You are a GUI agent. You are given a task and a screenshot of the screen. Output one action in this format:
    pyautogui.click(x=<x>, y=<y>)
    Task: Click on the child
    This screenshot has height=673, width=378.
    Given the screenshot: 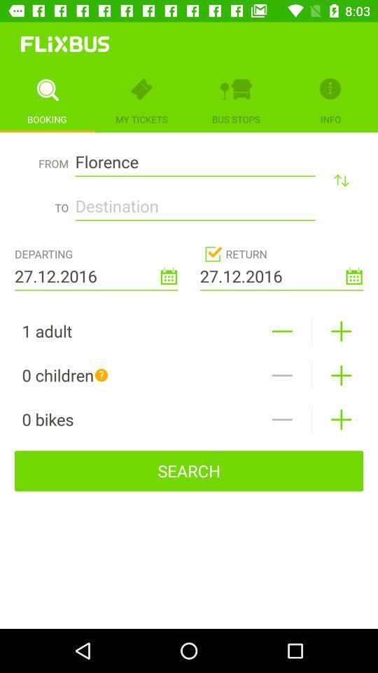 What is the action you would take?
    pyautogui.click(x=340, y=374)
    